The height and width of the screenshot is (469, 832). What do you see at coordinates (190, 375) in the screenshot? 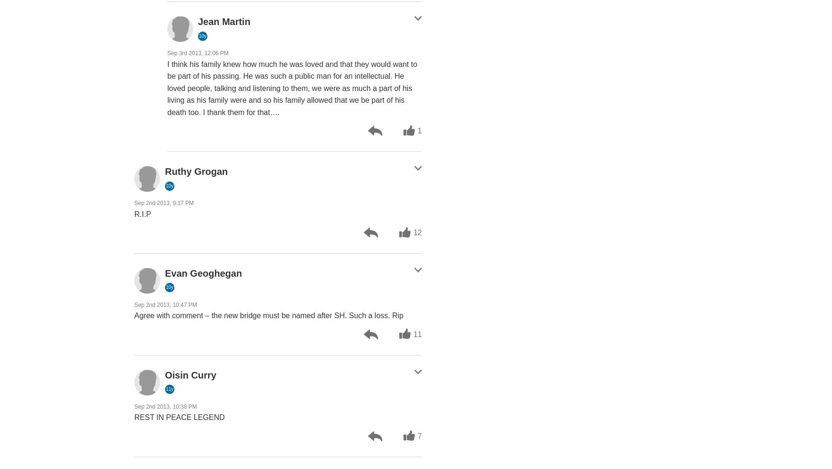
I see `'Oisin Curry'` at bounding box center [190, 375].